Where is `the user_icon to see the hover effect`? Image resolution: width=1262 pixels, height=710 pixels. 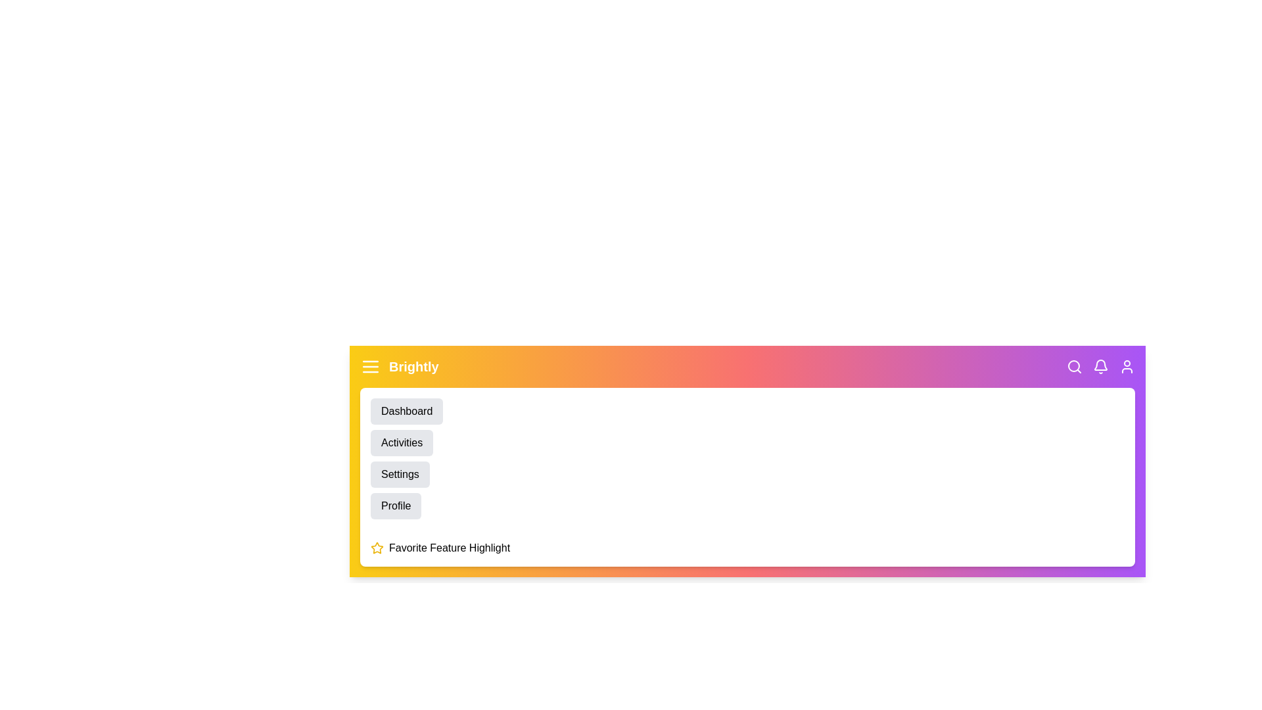 the user_icon to see the hover effect is located at coordinates (1126, 367).